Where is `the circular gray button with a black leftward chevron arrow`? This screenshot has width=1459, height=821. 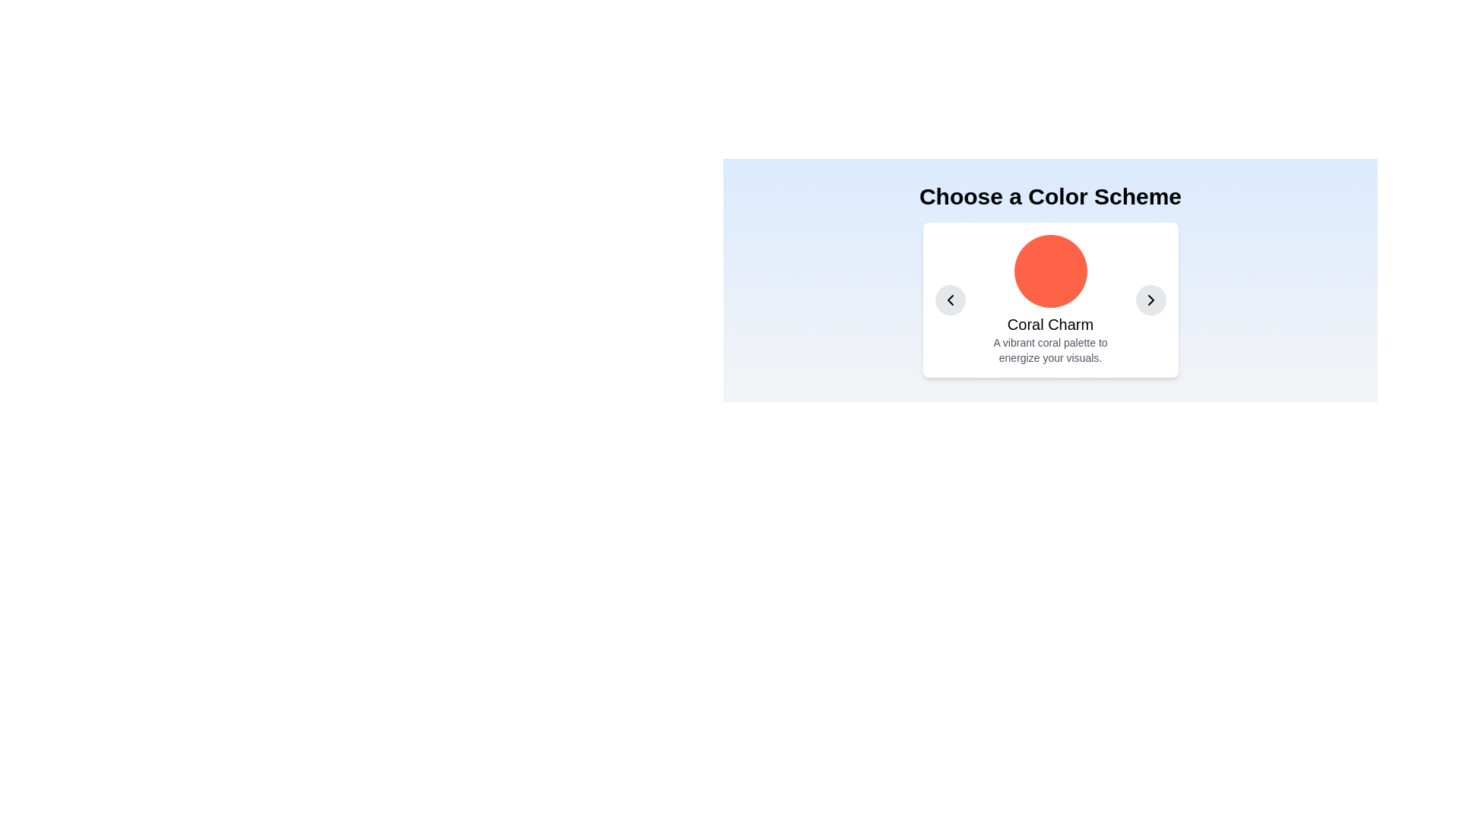 the circular gray button with a black leftward chevron arrow is located at coordinates (949, 300).